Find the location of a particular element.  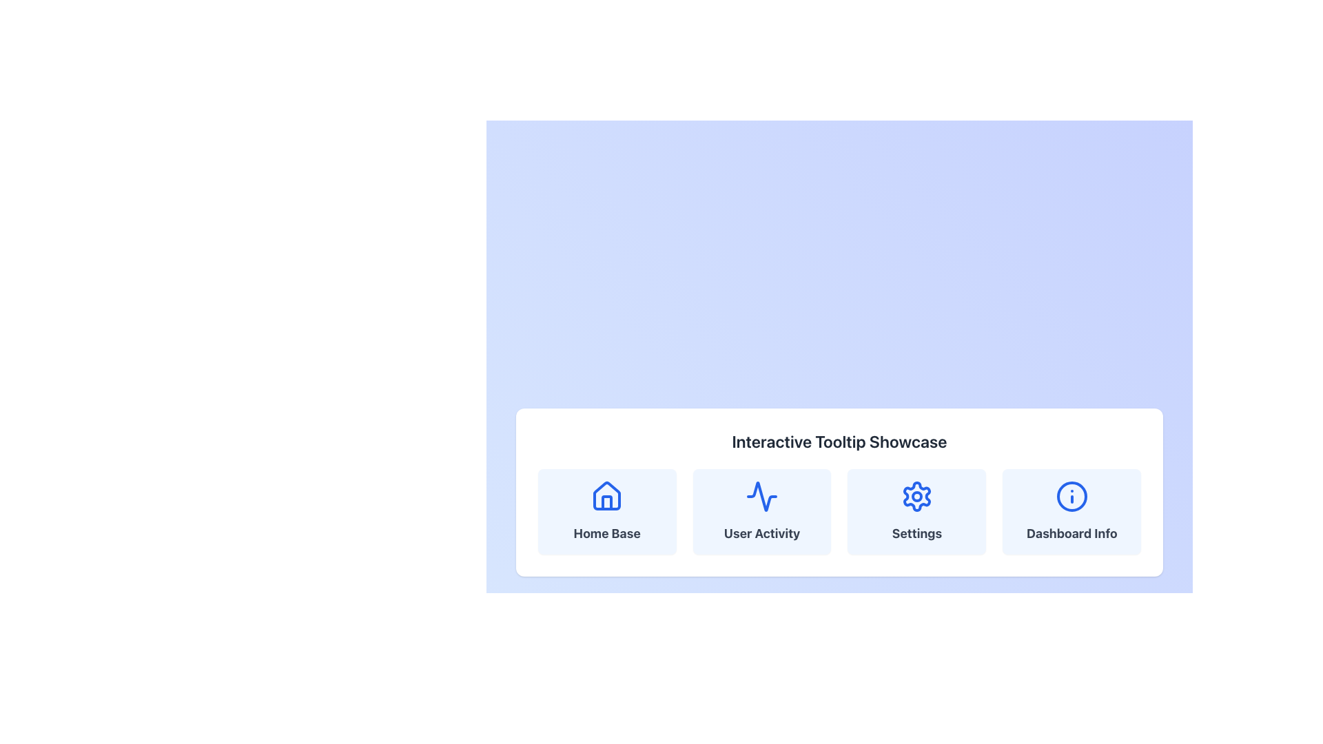

the 'Home Base' icon in the navigation menu, which is located in the first segment of the horizontal row of menu items at the bottom of the interface is located at coordinates (606, 496).